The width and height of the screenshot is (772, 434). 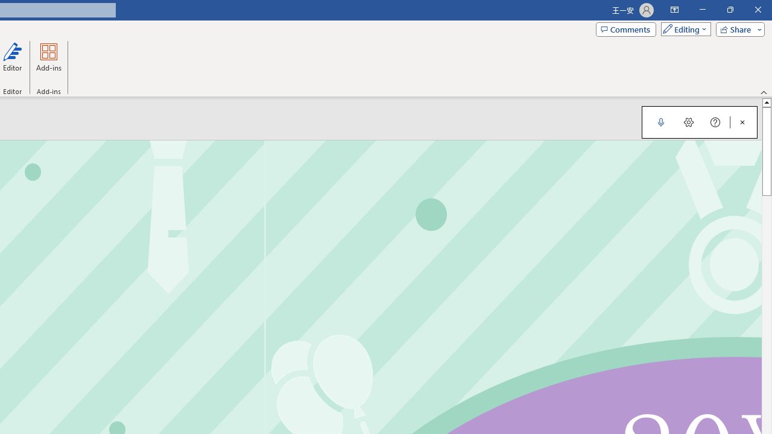 I want to click on 'Dictation Settings', so click(x=689, y=122).